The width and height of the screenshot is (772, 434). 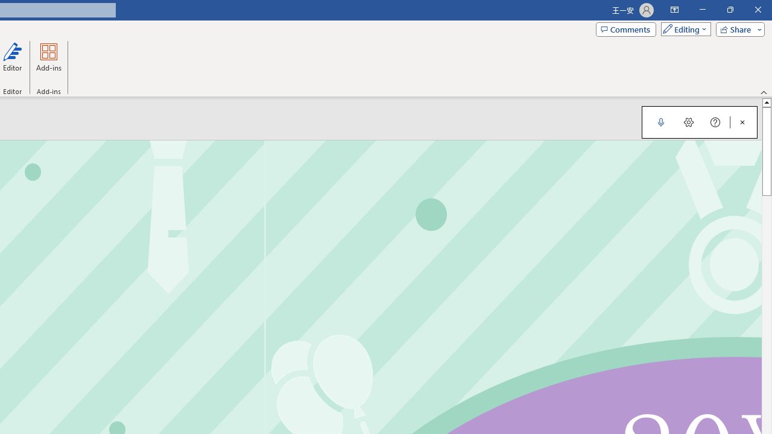 I want to click on 'Dictation Settings', so click(x=689, y=122).